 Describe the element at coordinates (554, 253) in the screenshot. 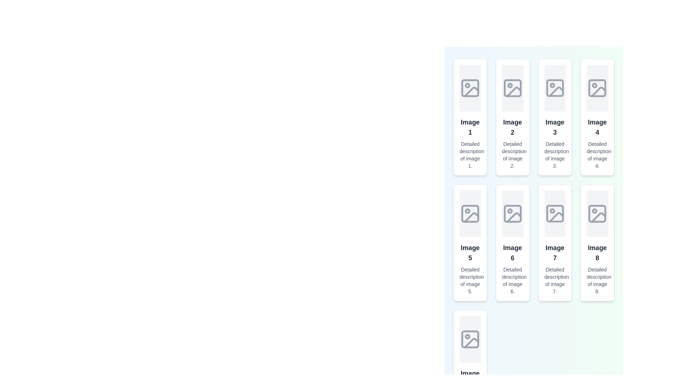

I see `the label with the text 'Image 7', which is styled in large bold sans-serif font and located in the second row and third column of the grid layout` at that location.